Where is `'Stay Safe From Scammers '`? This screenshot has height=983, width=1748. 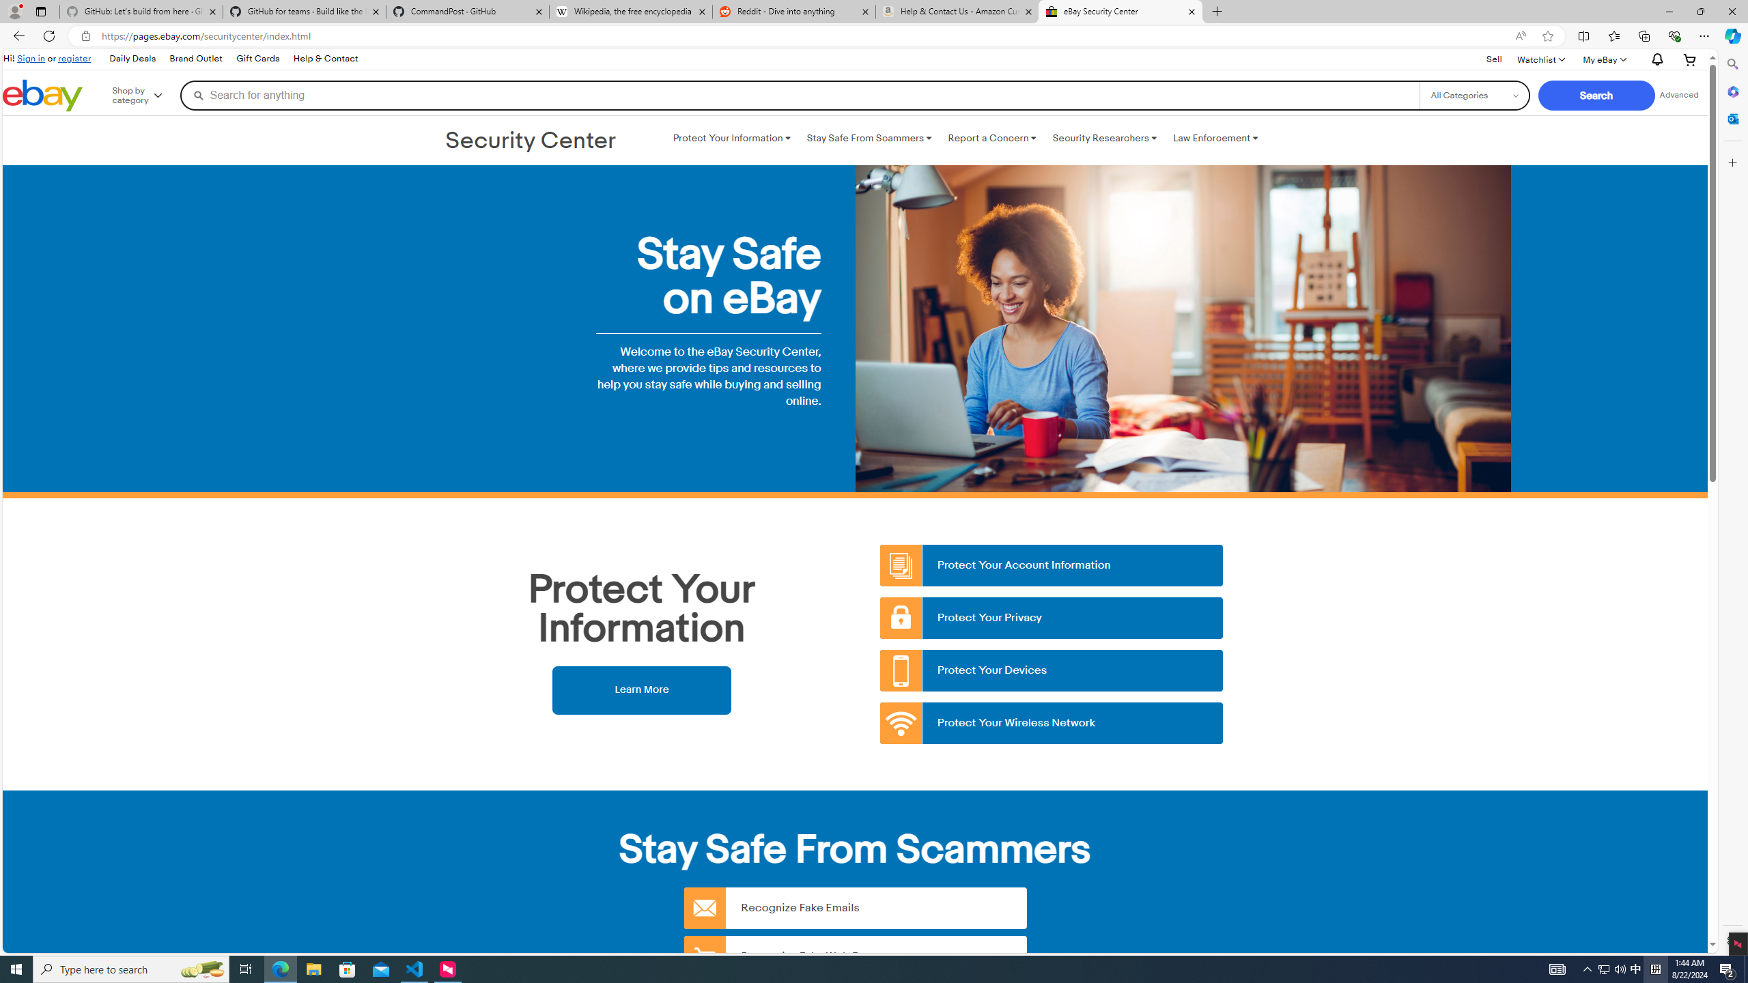
'Stay Safe From Scammers ' is located at coordinates (868, 138).